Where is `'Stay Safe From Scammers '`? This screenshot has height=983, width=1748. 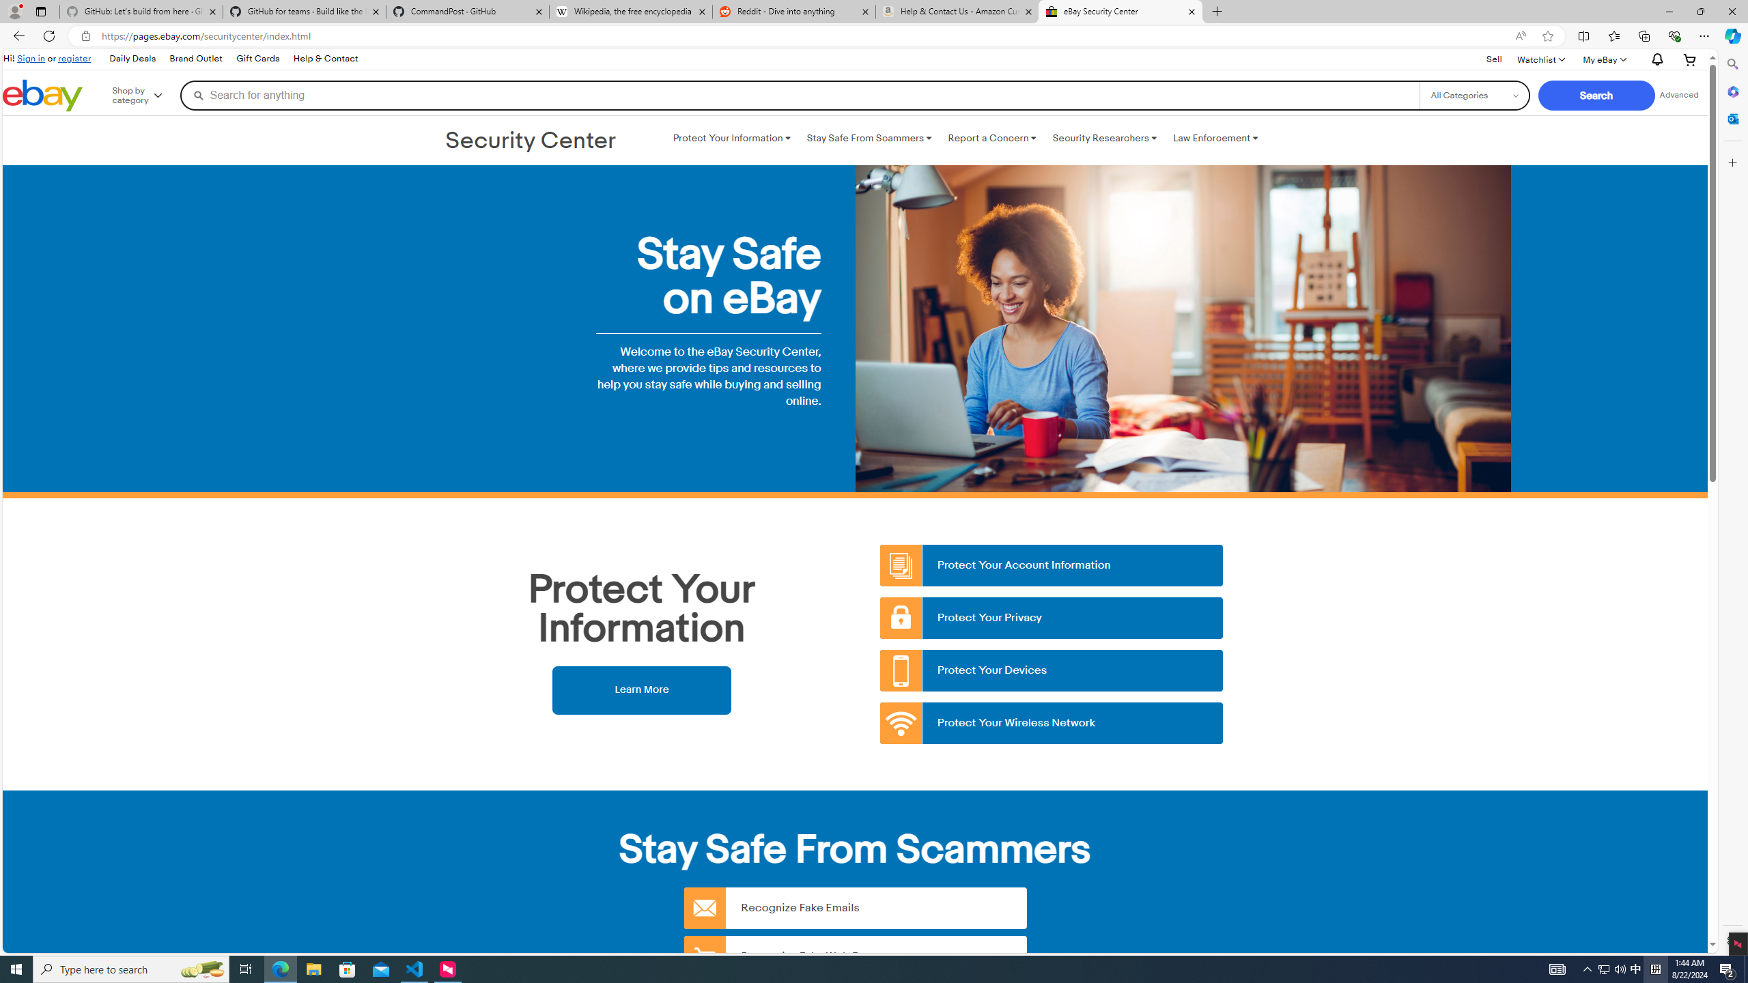
'Stay Safe From Scammers ' is located at coordinates (868, 138).